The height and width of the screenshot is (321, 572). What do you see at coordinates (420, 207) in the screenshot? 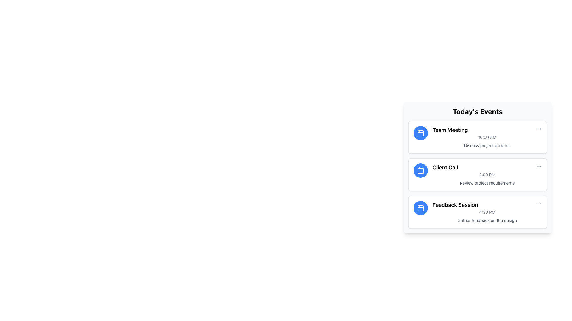
I see `the calendar icon with a blue background and white stroke, which is located next to the 'Feedback Session' label in the event listing` at bounding box center [420, 207].